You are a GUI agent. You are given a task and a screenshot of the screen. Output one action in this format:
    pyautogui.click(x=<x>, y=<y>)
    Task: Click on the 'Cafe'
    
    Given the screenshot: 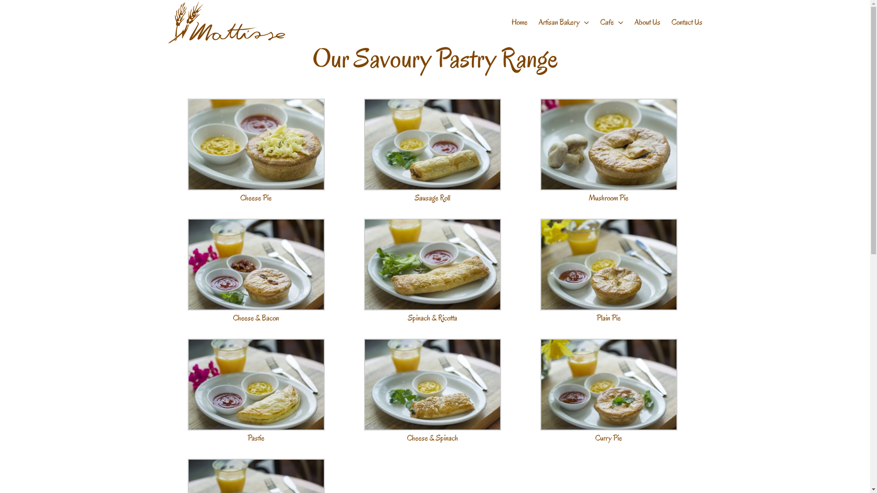 What is the action you would take?
    pyautogui.click(x=612, y=22)
    